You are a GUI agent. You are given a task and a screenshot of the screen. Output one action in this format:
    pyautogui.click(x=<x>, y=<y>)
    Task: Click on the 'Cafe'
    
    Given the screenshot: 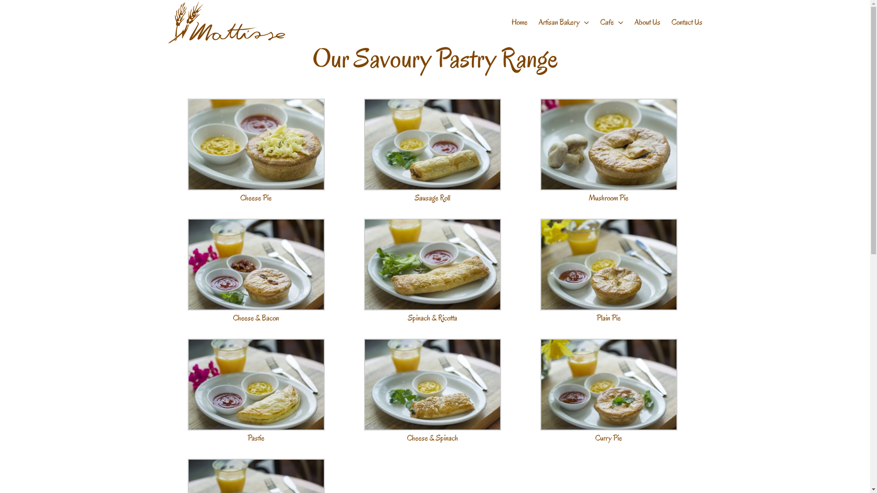 What is the action you would take?
    pyautogui.click(x=612, y=22)
    